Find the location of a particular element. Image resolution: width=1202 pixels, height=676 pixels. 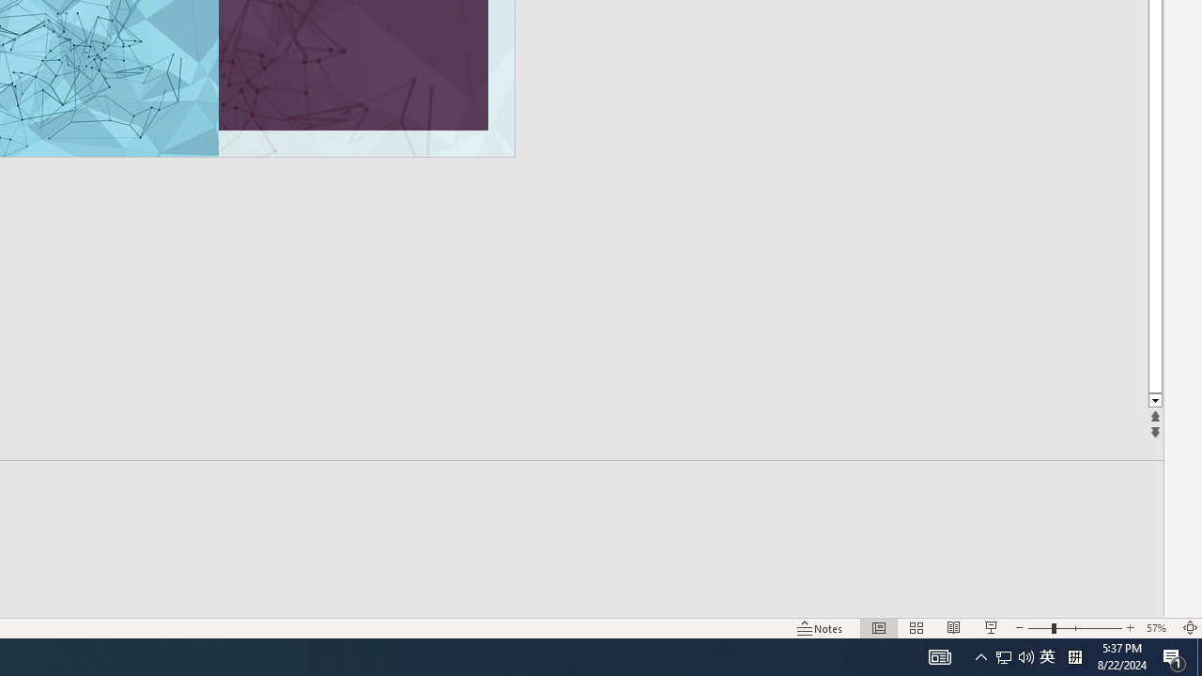

'Notes ' is located at coordinates (821, 628).